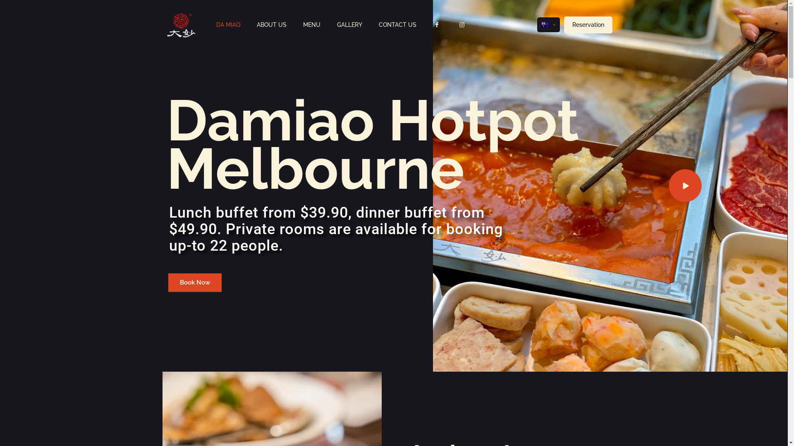 This screenshot has width=794, height=446. Describe the element at coordinates (194, 282) in the screenshot. I see `'Book Now'` at that location.